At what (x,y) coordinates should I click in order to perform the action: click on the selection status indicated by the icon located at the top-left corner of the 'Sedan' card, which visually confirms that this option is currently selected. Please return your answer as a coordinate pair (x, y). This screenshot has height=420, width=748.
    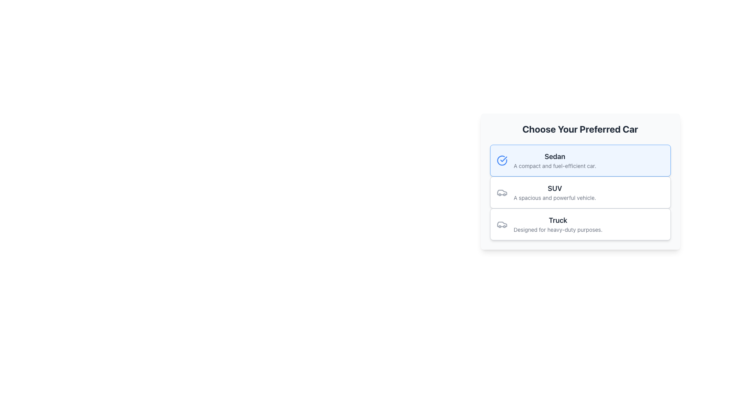
    Looking at the image, I should click on (502, 160).